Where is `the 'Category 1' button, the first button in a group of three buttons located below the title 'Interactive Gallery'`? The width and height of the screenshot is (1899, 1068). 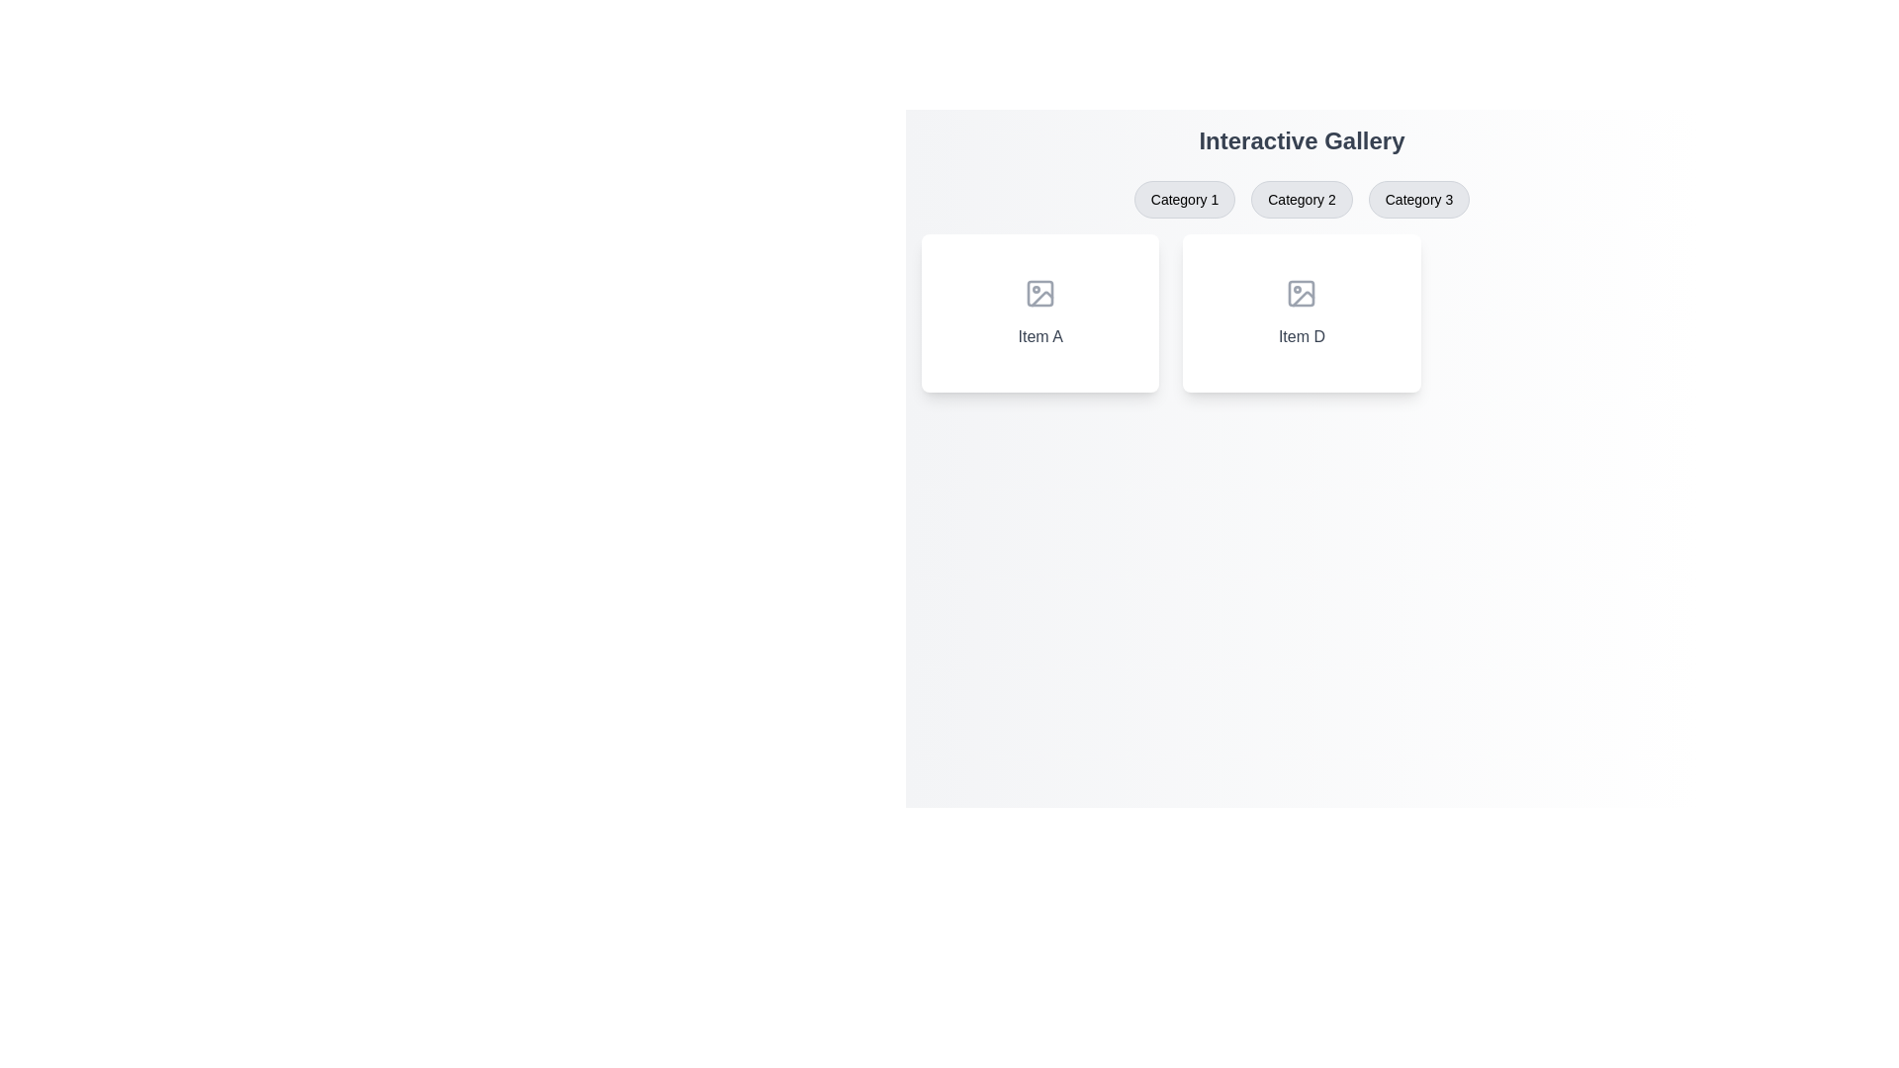
the 'Category 1' button, the first button in a group of three buttons located below the title 'Interactive Gallery' is located at coordinates (1185, 199).